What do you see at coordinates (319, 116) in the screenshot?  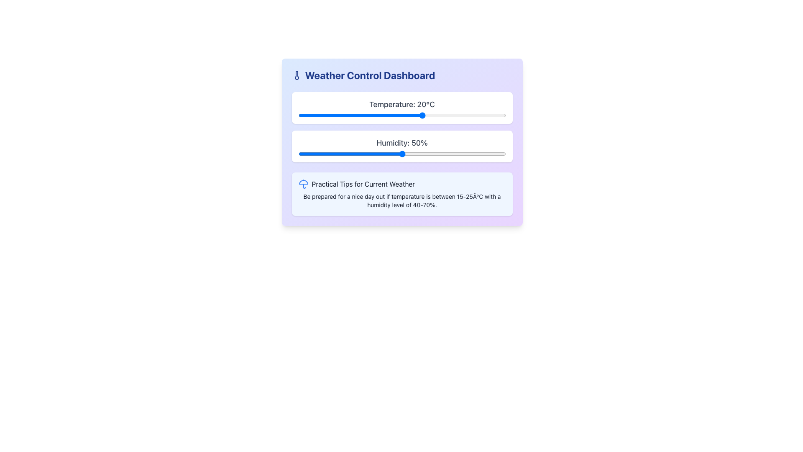 I see `the temperature` at bounding box center [319, 116].